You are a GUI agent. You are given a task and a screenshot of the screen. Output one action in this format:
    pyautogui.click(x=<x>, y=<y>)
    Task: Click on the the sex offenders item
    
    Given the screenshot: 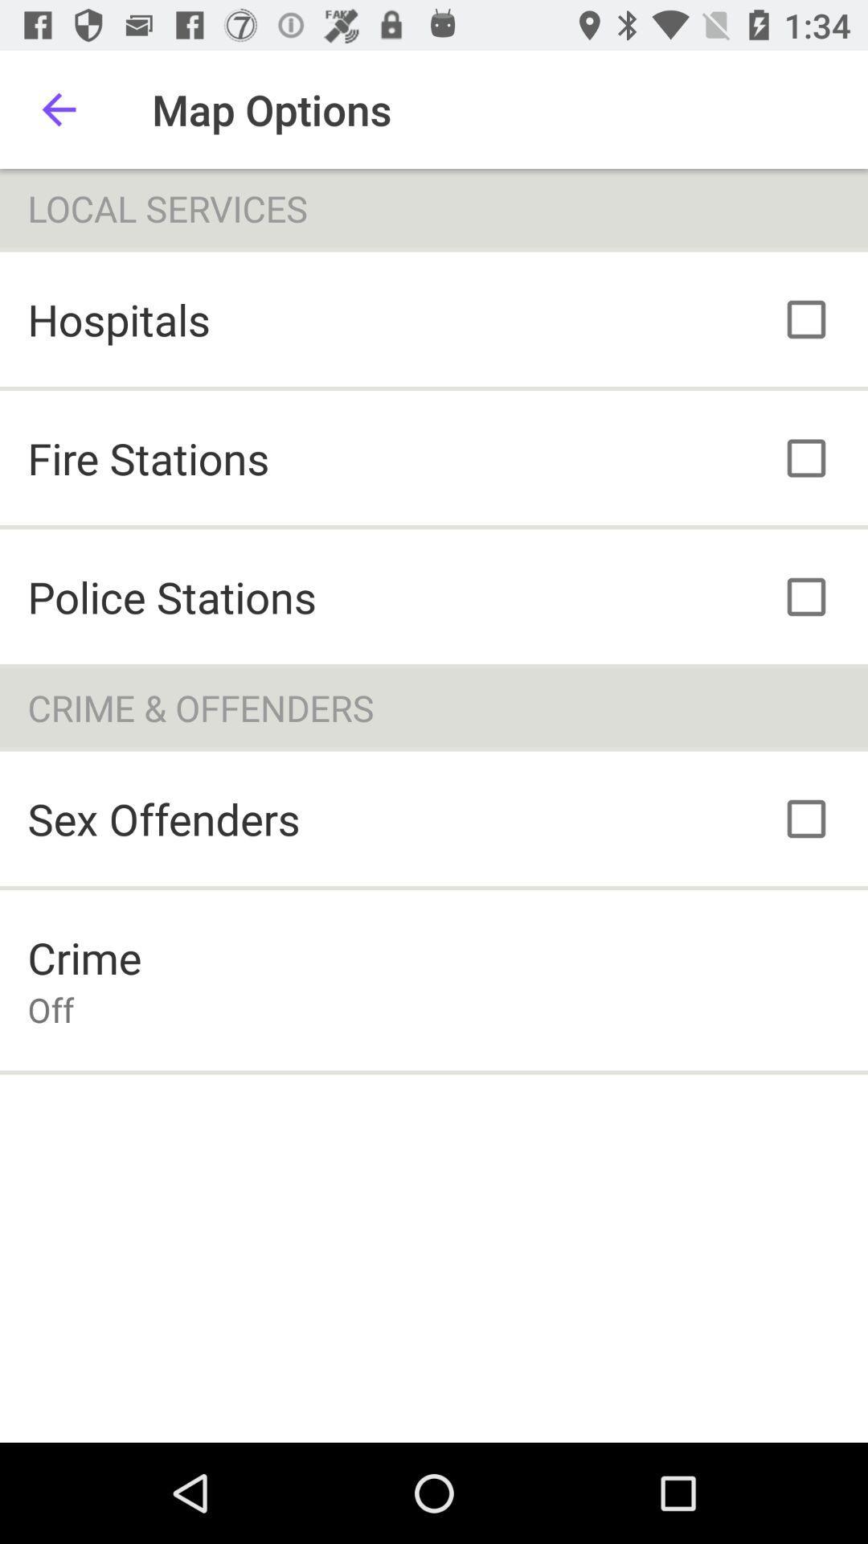 What is the action you would take?
    pyautogui.click(x=164, y=819)
    